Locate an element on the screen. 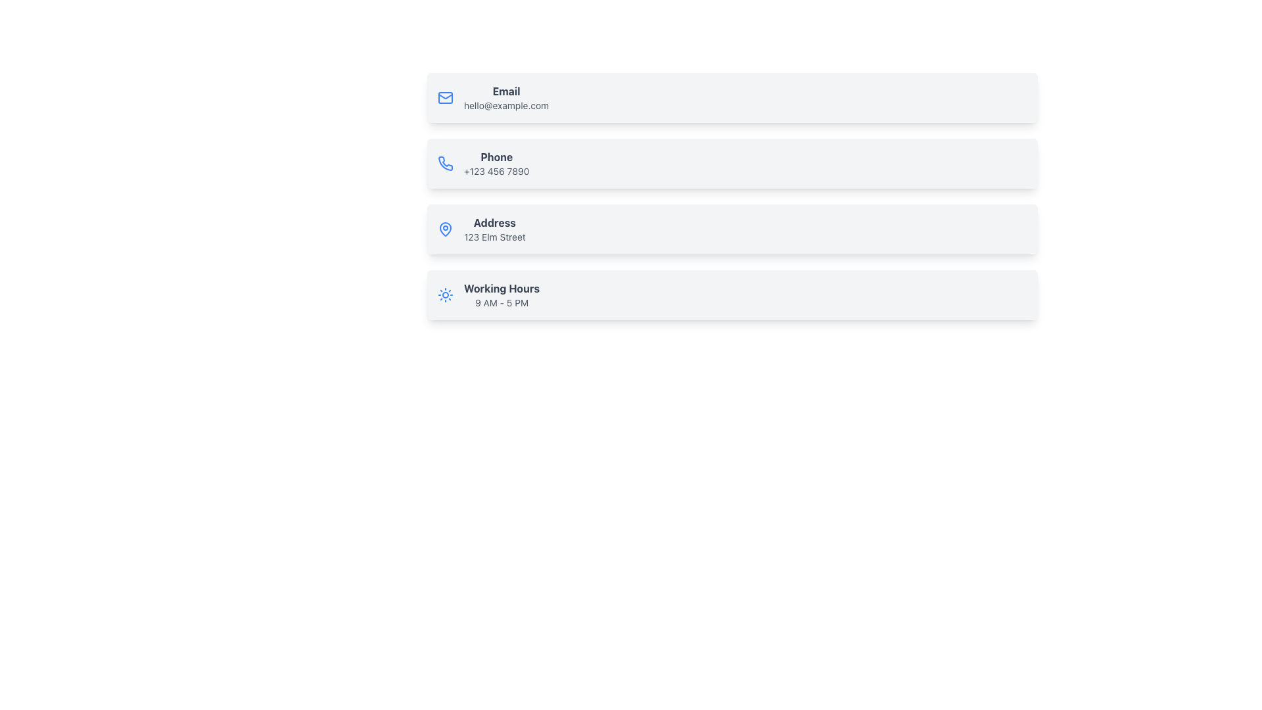 Image resolution: width=1262 pixels, height=710 pixels. the small blue vector icon depicting a phone receiver, which is the second icon from the top in the contact details list is located at coordinates (446, 162).